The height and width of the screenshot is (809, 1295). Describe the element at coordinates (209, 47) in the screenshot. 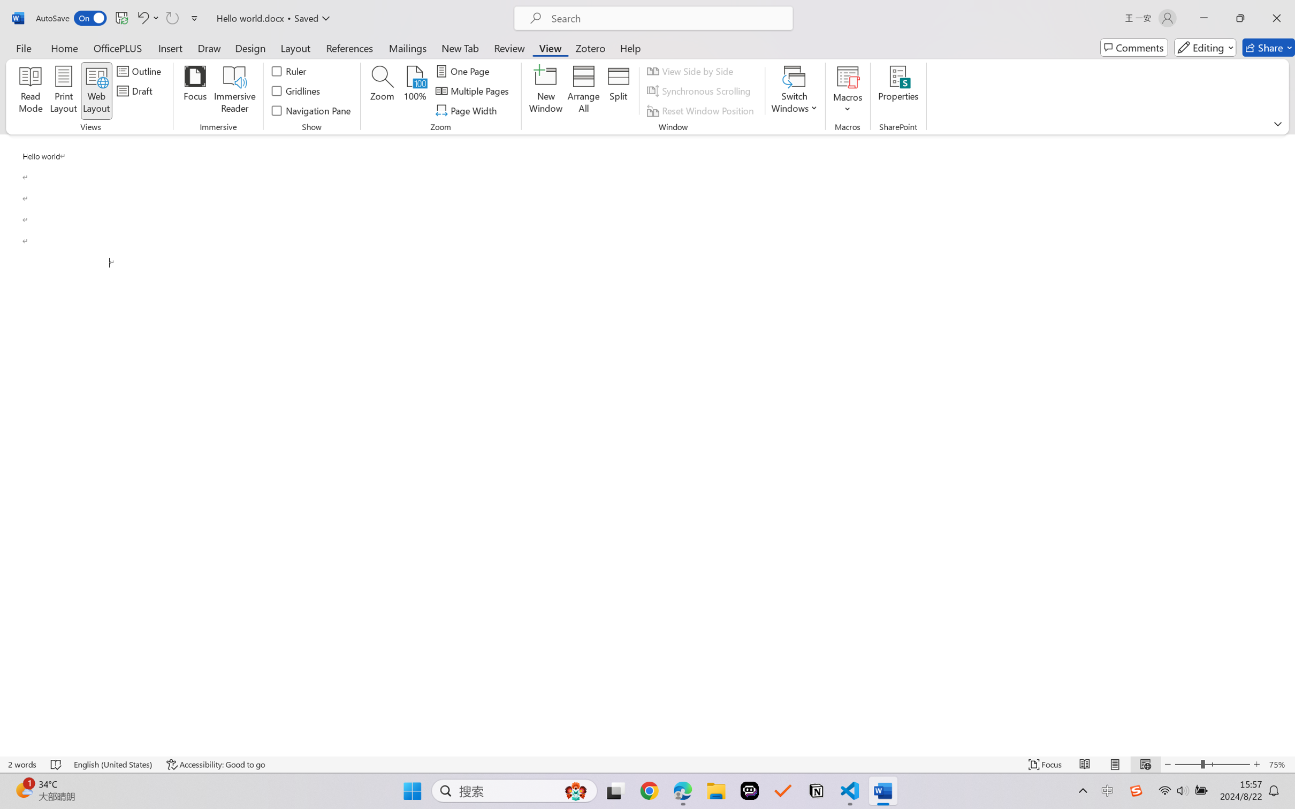

I see `'Draw'` at that location.